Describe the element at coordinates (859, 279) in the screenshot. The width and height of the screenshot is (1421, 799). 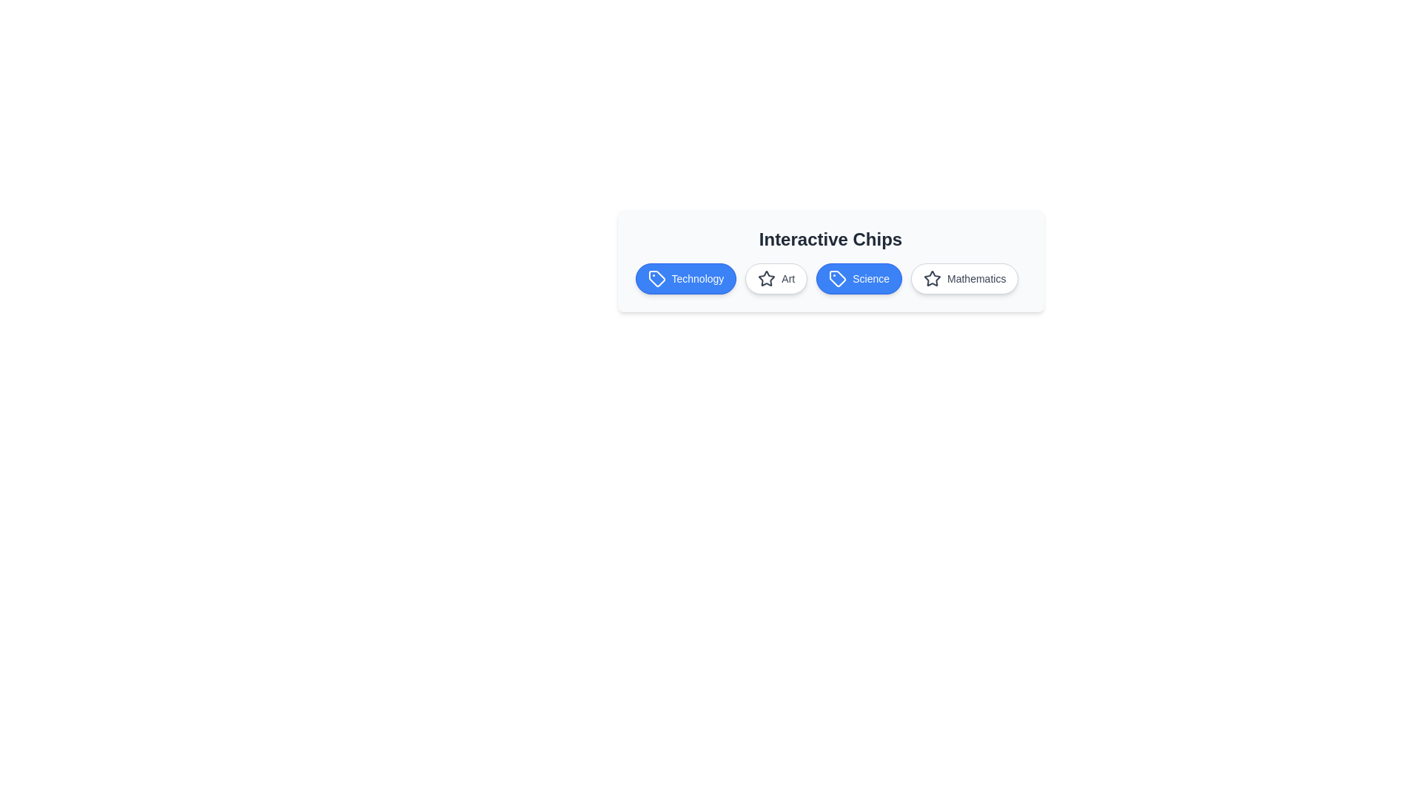
I see `the 'Science' chip to toggle its activation state` at that location.